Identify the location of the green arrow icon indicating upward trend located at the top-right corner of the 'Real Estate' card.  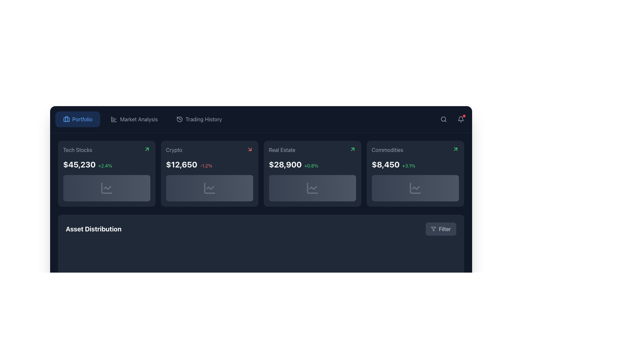
(352, 149).